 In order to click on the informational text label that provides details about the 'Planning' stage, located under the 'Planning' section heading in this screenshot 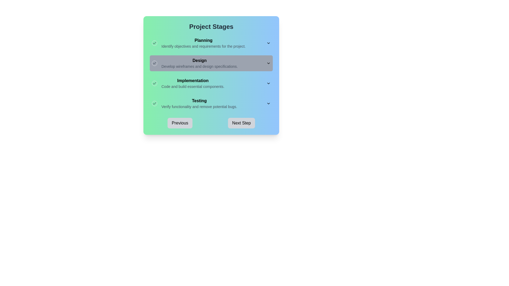, I will do `click(203, 46)`.